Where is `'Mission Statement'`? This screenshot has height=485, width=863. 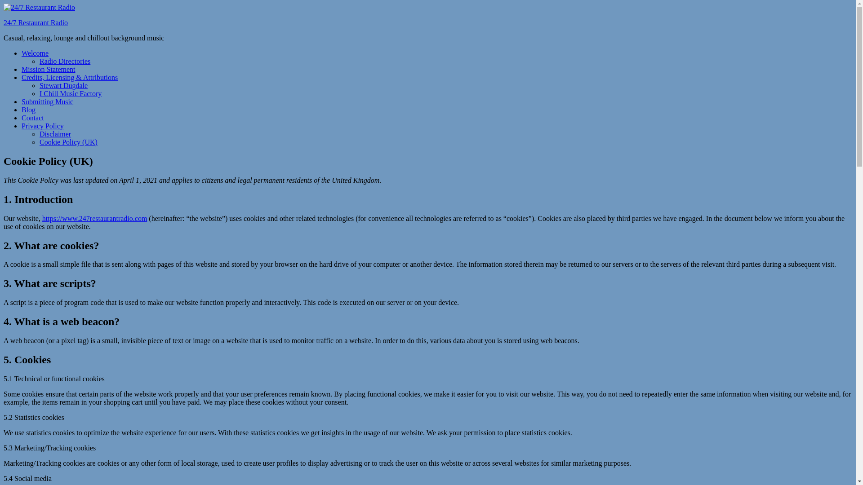
'Mission Statement' is located at coordinates (48, 69).